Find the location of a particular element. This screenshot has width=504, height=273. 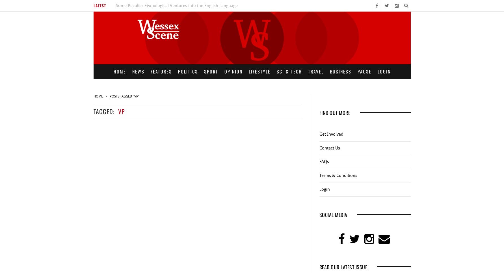

'Pause' is located at coordinates (364, 71).